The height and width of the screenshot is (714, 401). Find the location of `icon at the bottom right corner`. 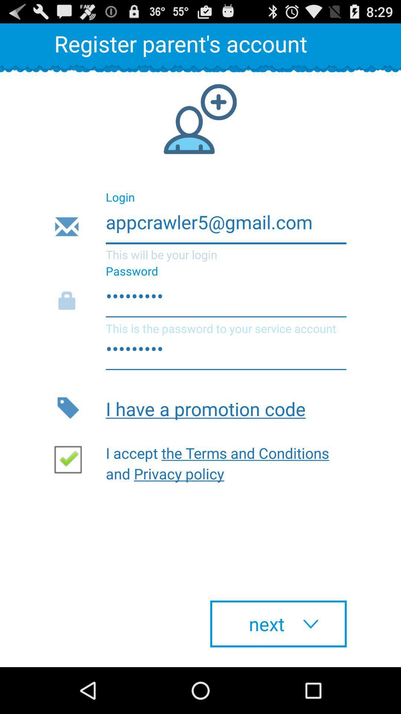

icon at the bottom right corner is located at coordinates (278, 624).